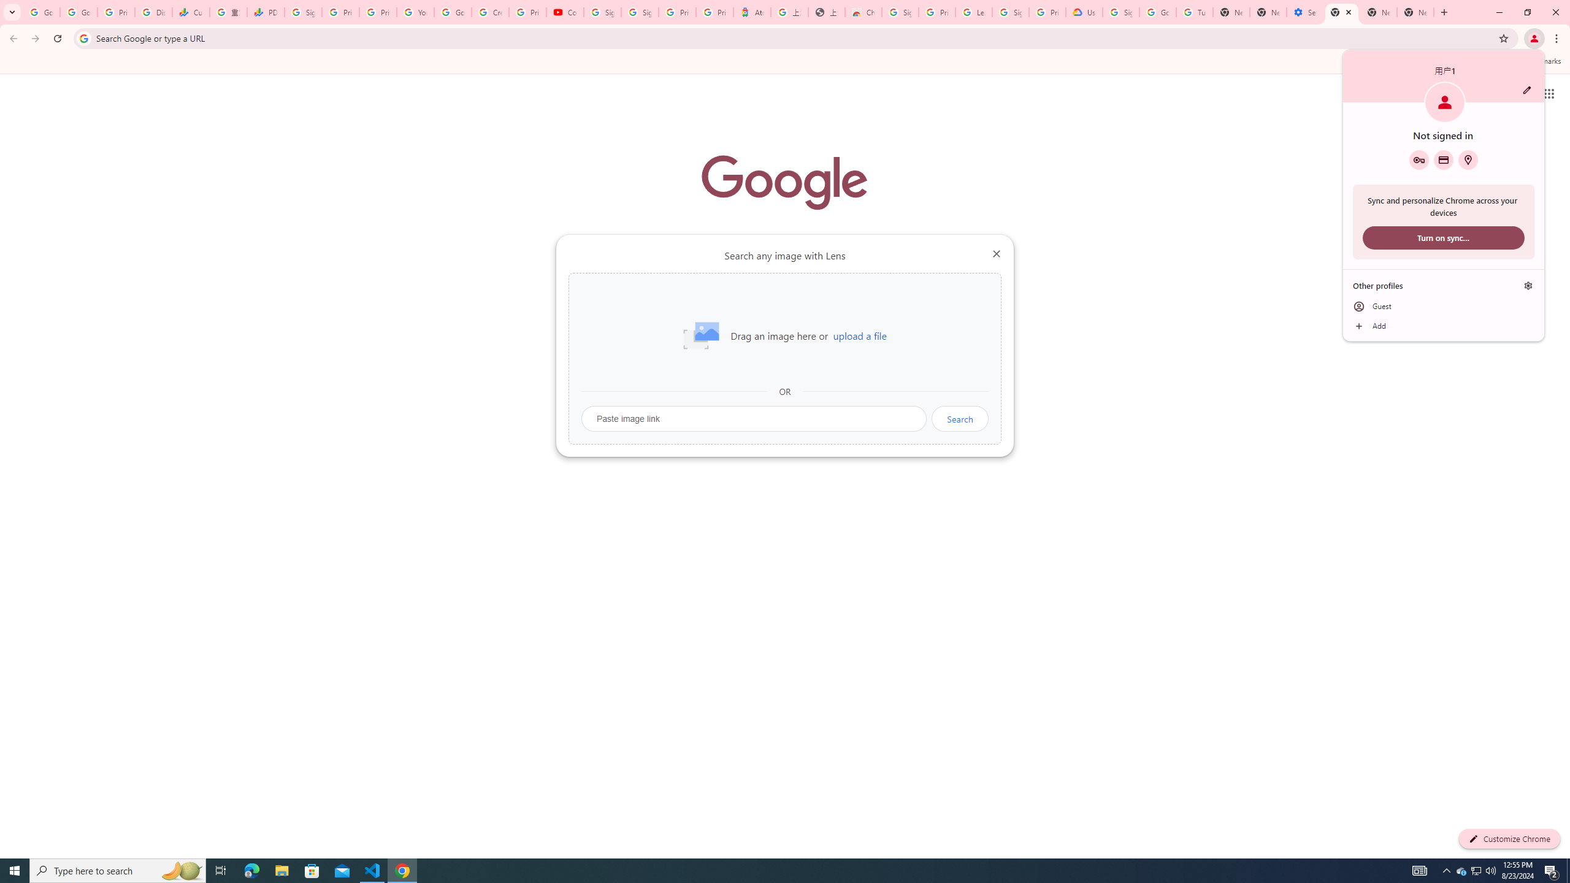 Image resolution: width=1570 pixels, height=883 pixels. Describe the element at coordinates (1304, 12) in the screenshot. I see `'Settings - System'` at that location.